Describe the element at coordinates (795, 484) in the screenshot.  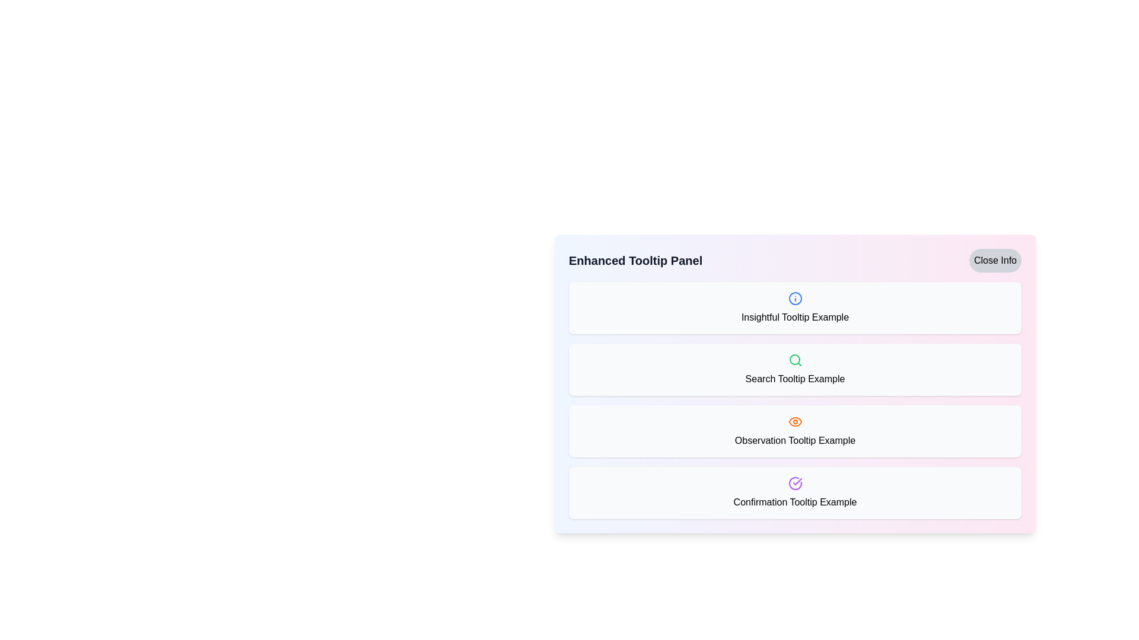
I see `the circular icon with a checkmark, which has a bold purple border, located within the 'Confirmation Tooltip Example' box` at that location.